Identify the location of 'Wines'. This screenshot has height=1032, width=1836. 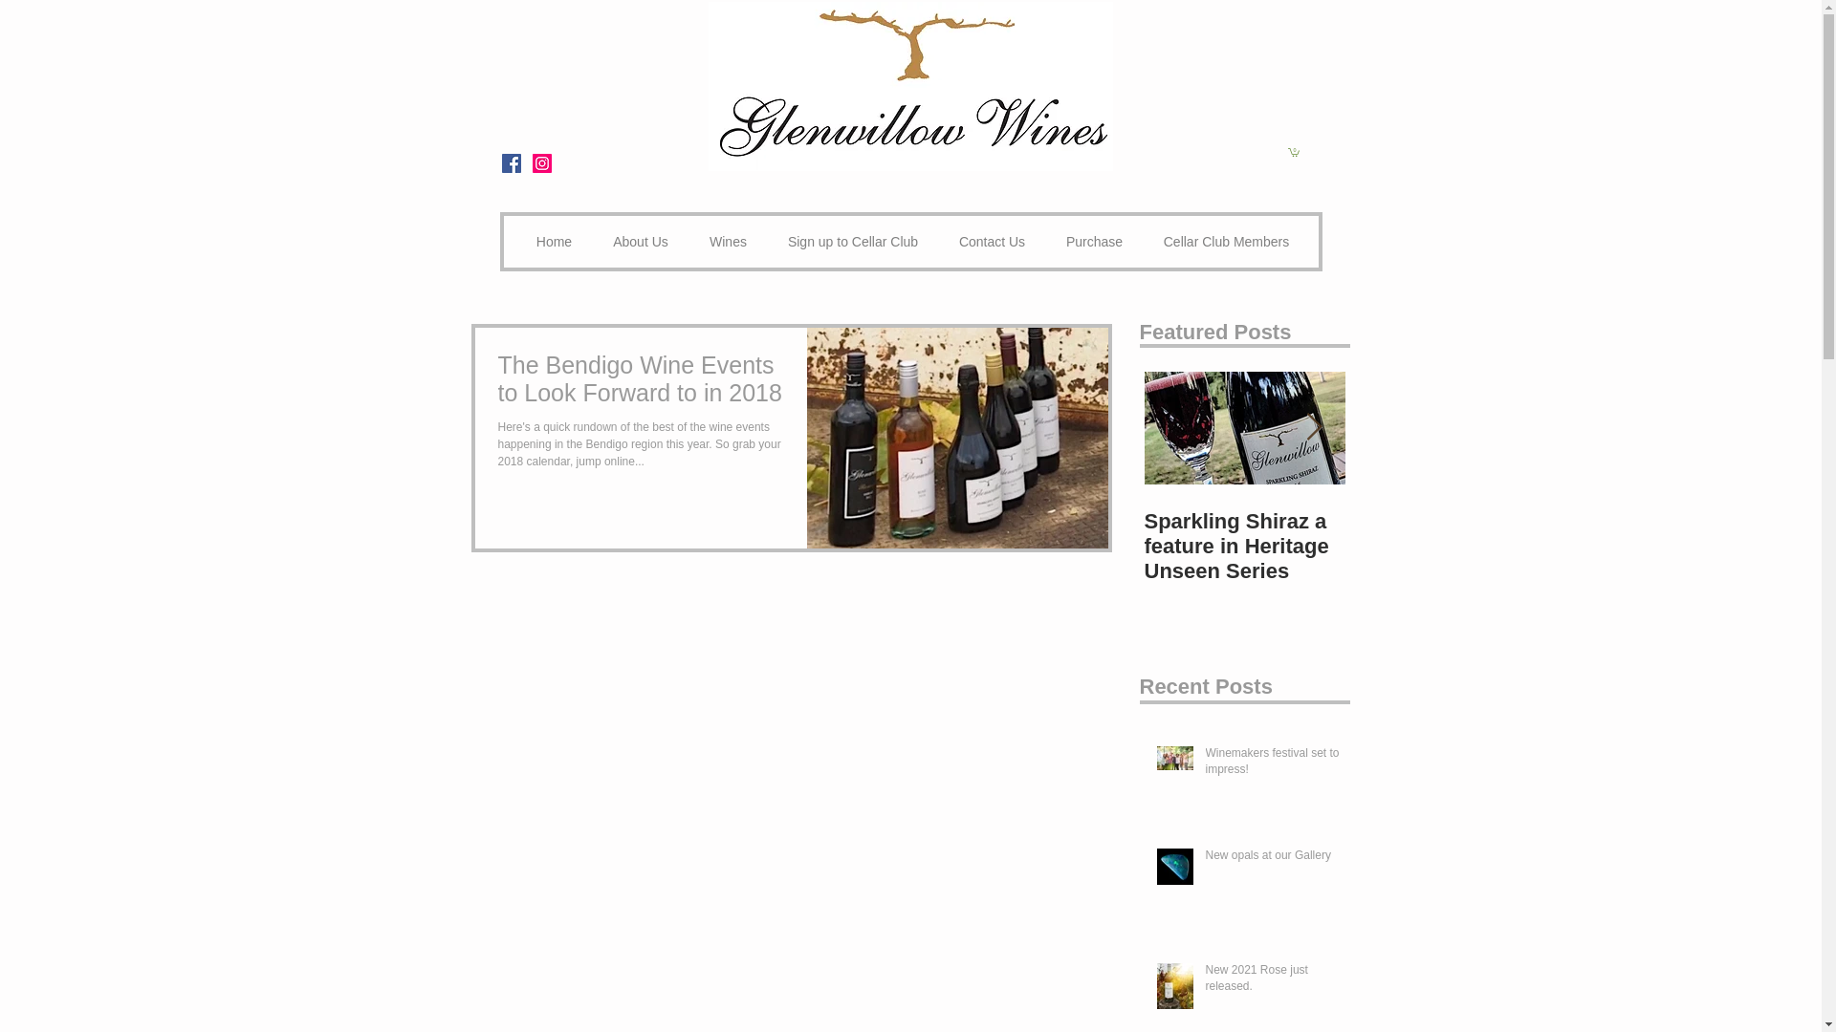
(727, 241).